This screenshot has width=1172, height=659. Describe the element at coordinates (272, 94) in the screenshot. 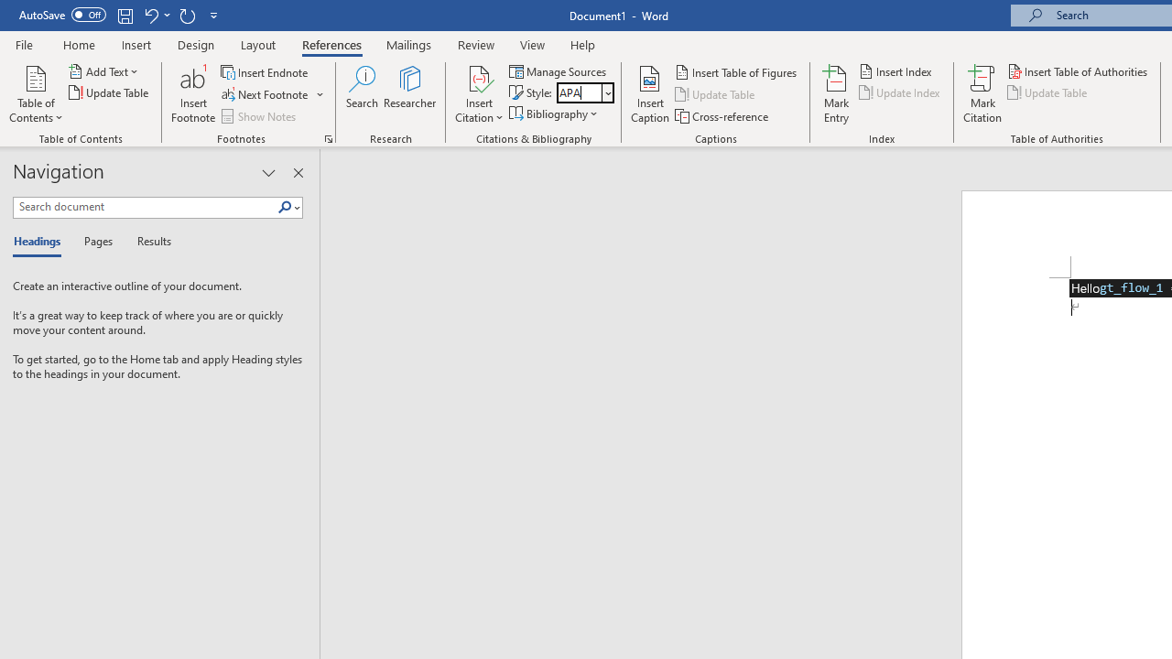

I see `'Next Footnote'` at that location.